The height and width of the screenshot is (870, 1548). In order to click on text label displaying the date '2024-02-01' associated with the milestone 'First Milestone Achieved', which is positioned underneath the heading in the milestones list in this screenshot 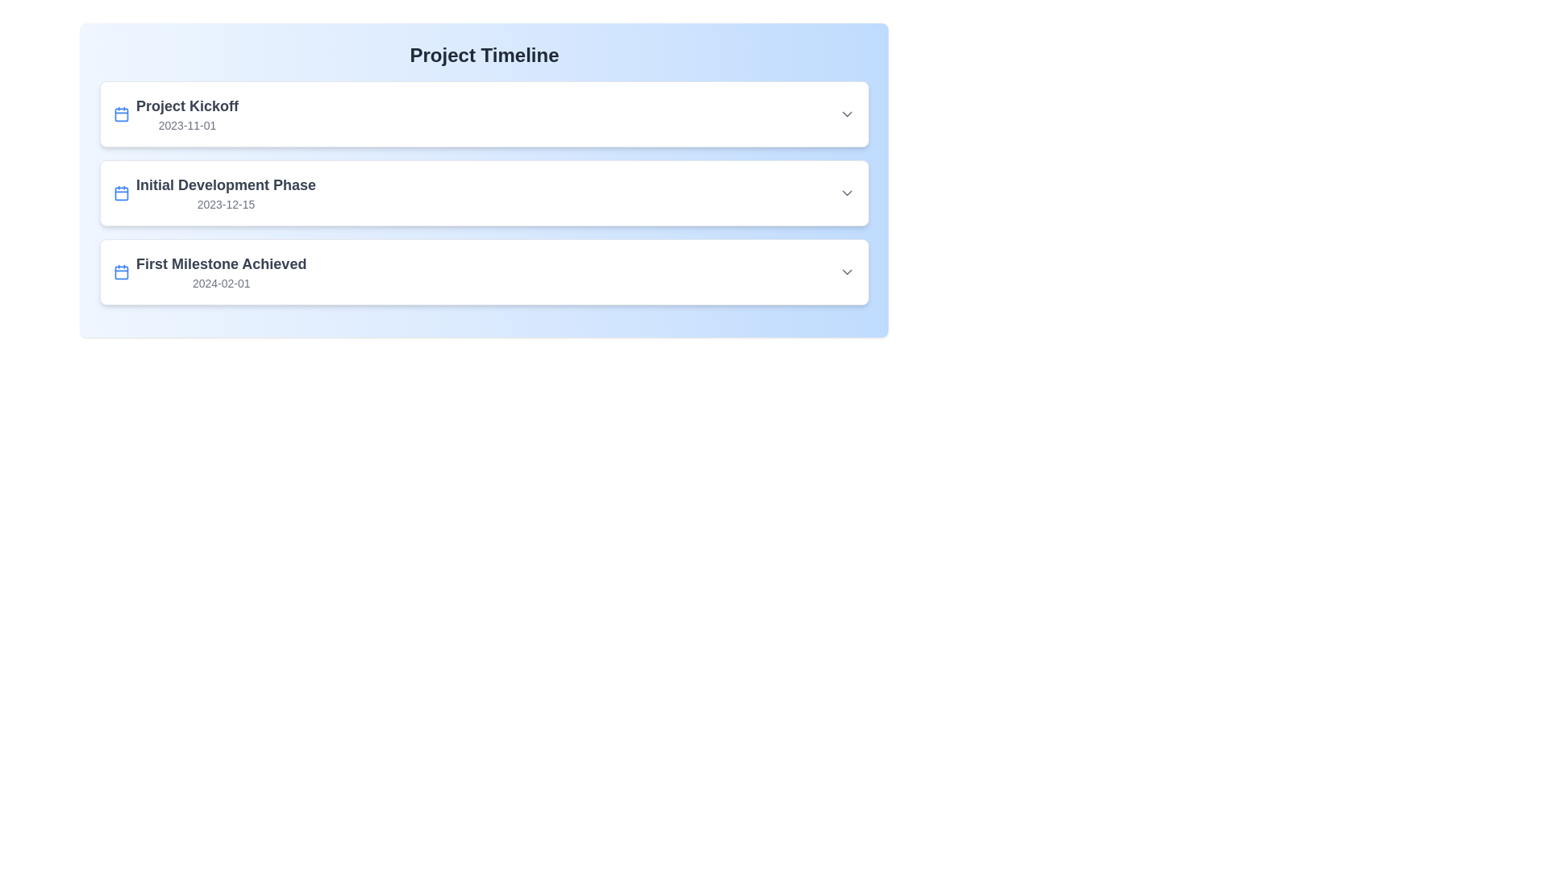, I will do `click(220, 282)`.